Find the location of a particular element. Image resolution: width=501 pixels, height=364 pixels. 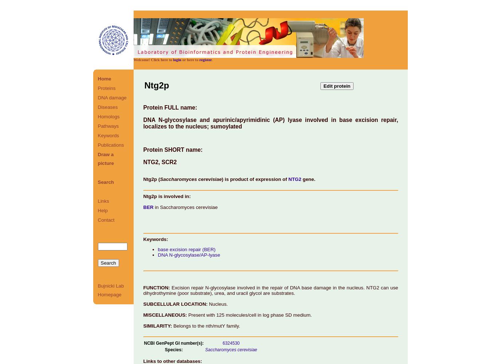

'Search' is located at coordinates (106, 182).